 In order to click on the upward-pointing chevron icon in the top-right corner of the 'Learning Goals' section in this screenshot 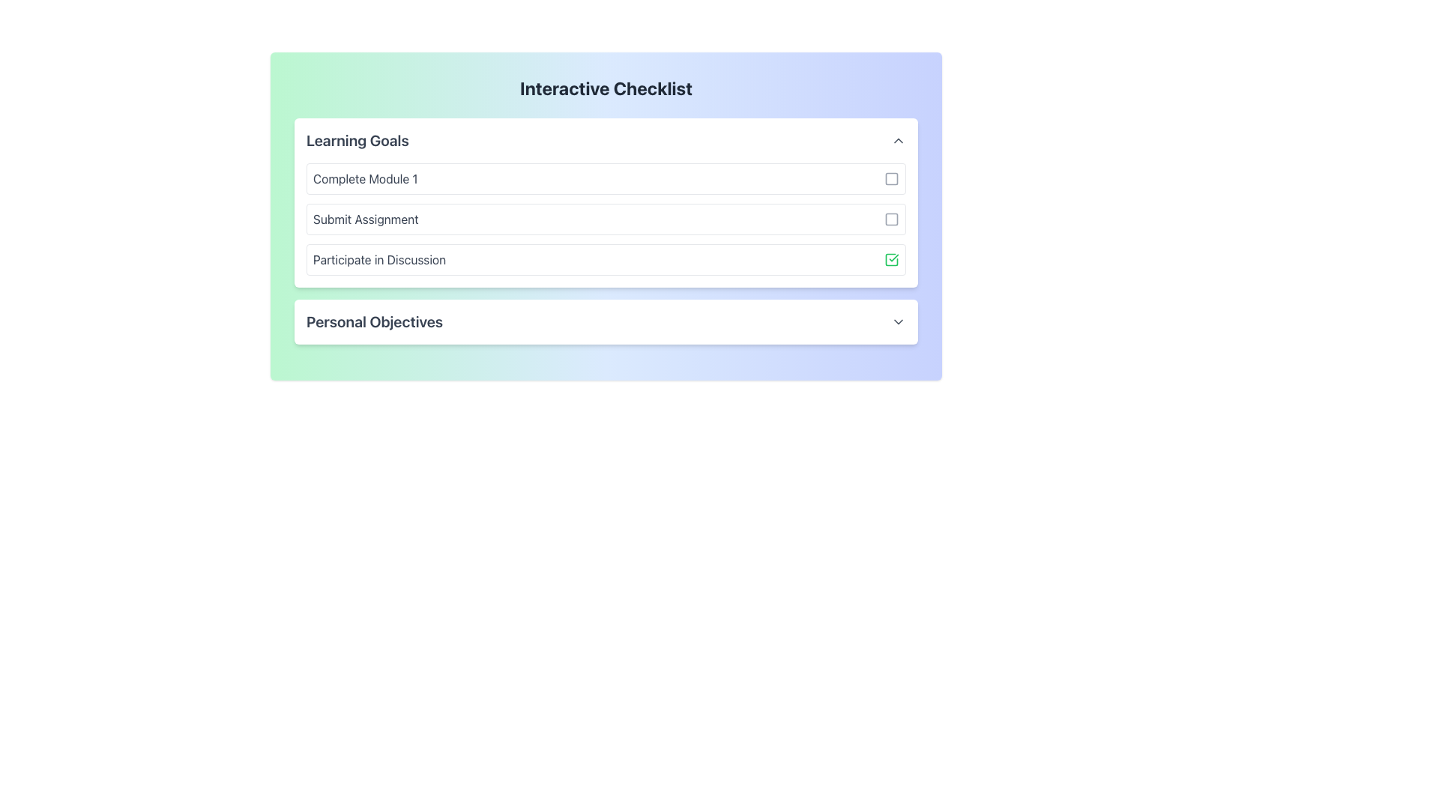, I will do `click(899, 141)`.